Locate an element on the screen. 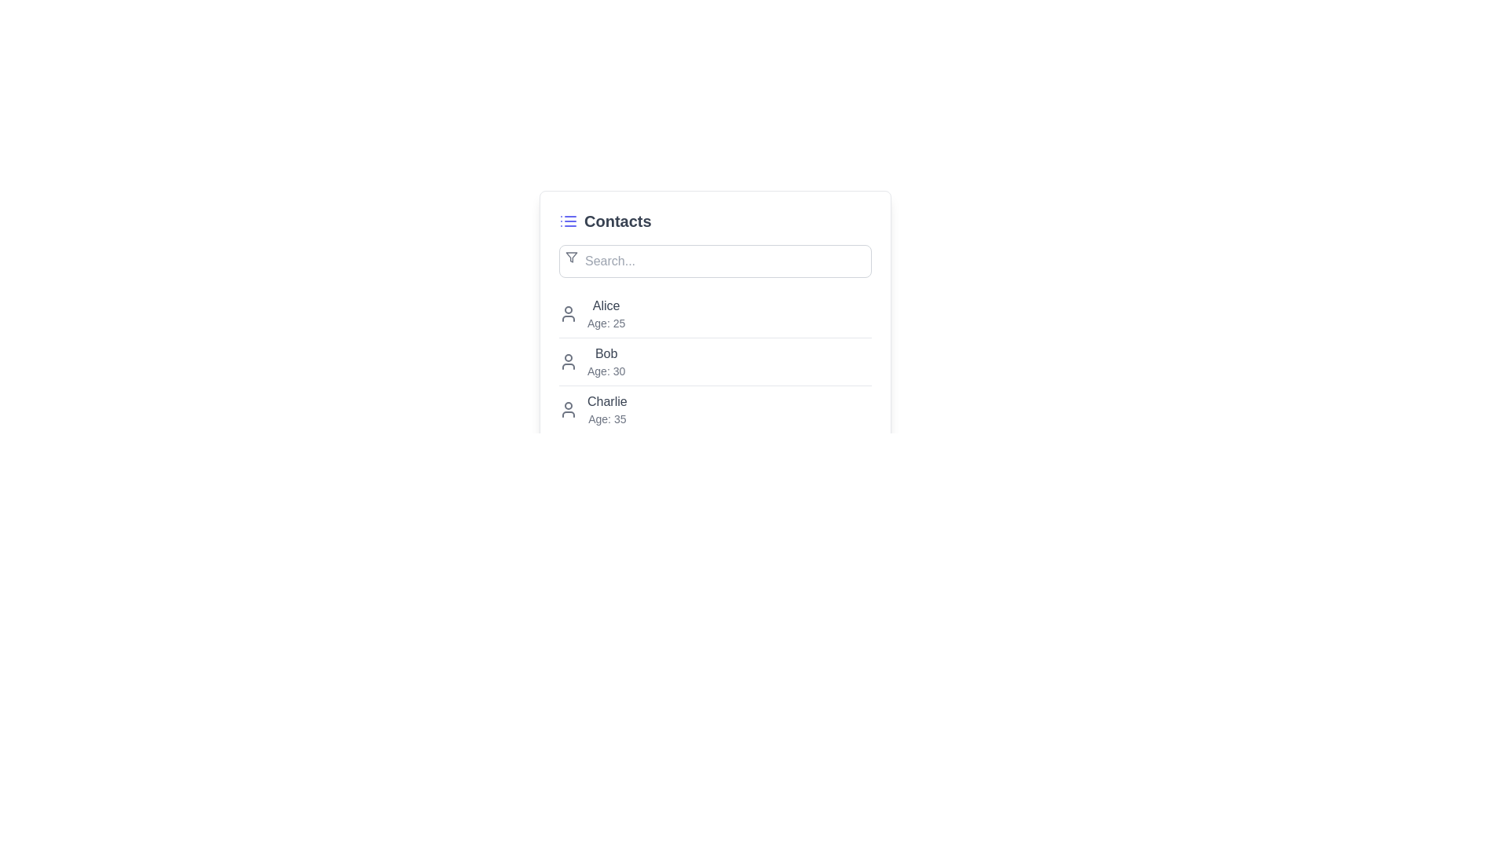 The image size is (1508, 848). the second user profile entry in the 'Contacts' list, which displays a user's name and age, positioned between 'Alice, Age 25' and 'Charlie, Age 35' is located at coordinates (715, 360).